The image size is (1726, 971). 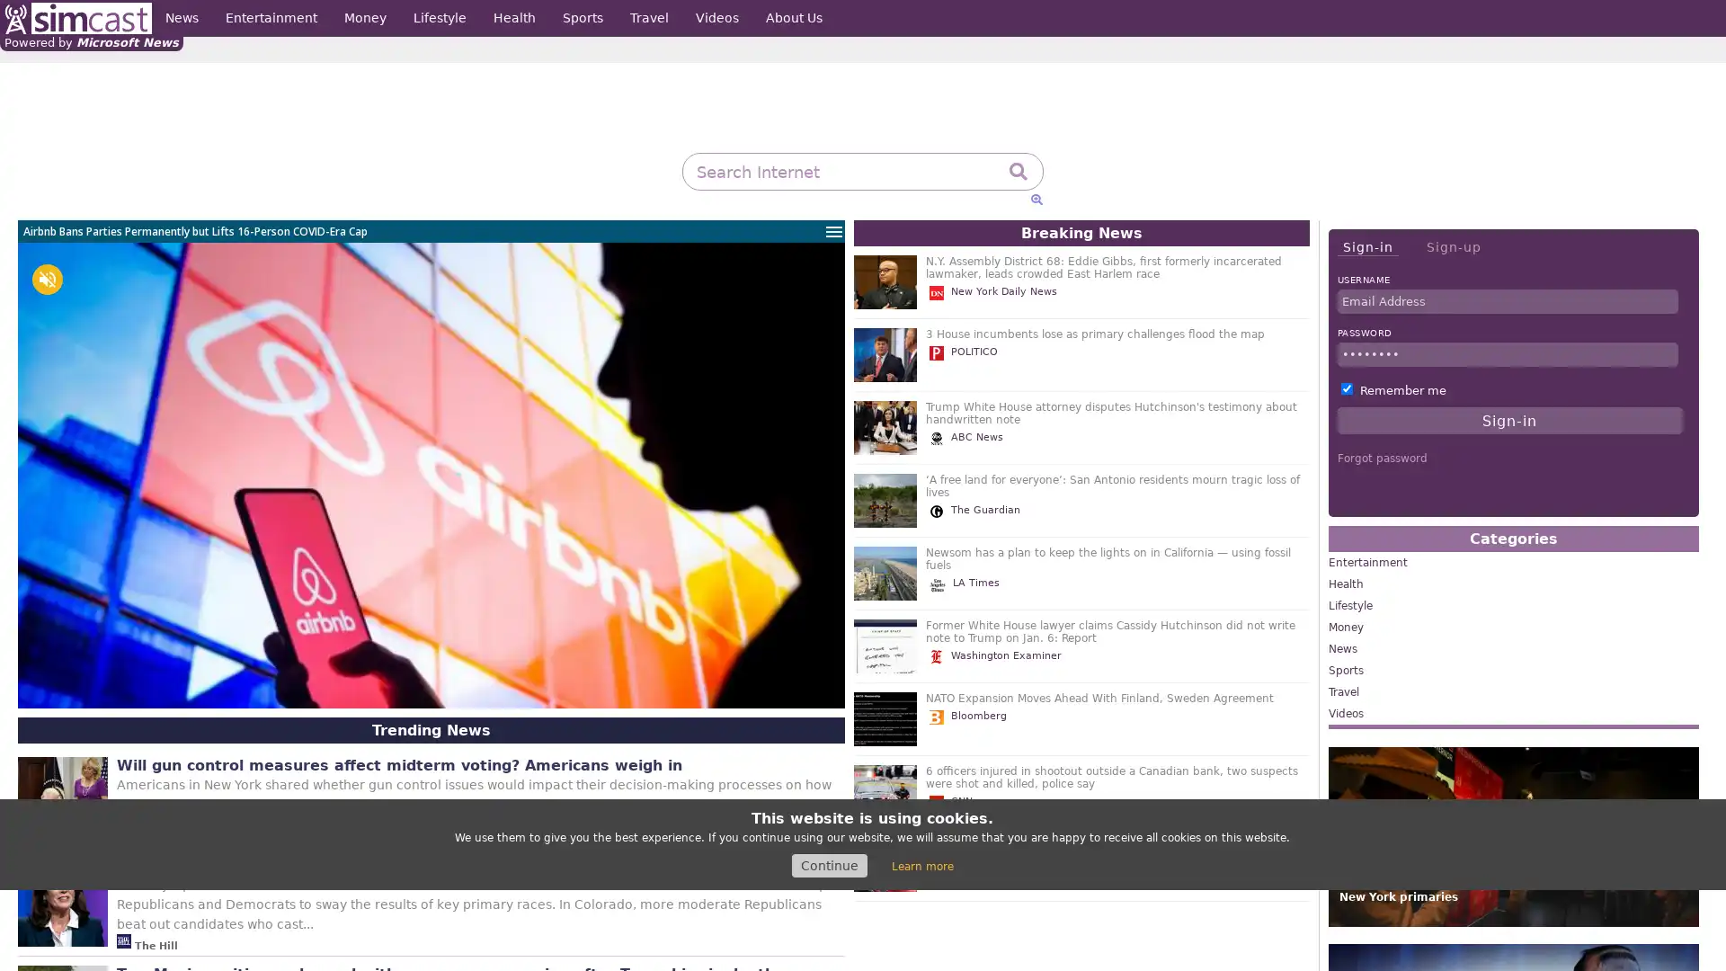 I want to click on volume_offvolume_up, so click(x=47, y=280).